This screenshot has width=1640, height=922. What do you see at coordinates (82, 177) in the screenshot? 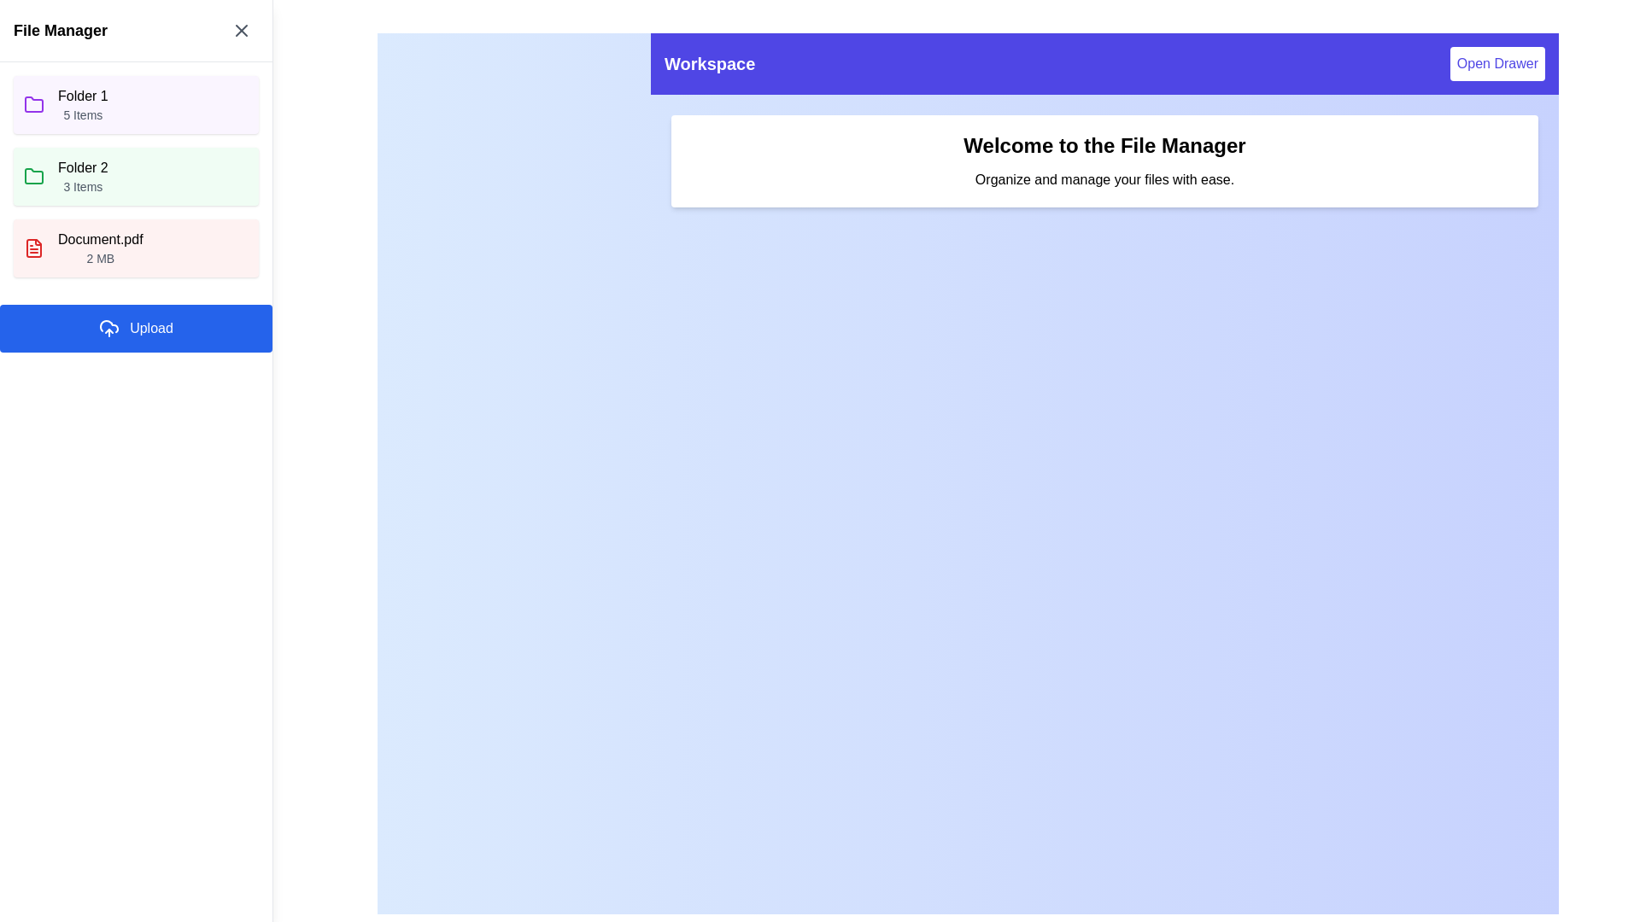
I see `the folder entry labeled 'Folder 2' in the left sidebar of the File Manager, which displays '3 Items'` at bounding box center [82, 177].